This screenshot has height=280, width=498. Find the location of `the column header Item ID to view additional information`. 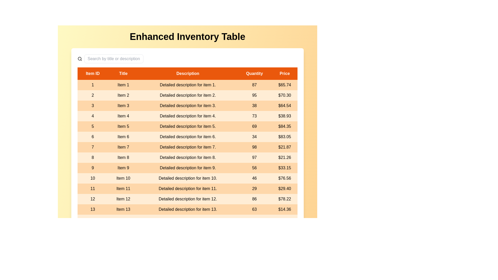

the column header Item ID to view additional information is located at coordinates (93, 74).